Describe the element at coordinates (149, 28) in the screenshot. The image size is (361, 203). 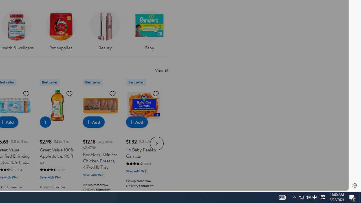
I see `'Baby'` at that location.